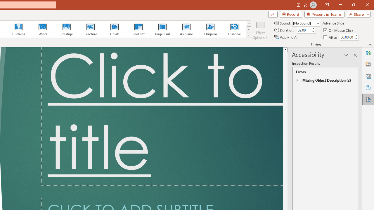 The image size is (374, 210). I want to click on 'Prestige', so click(66, 29).